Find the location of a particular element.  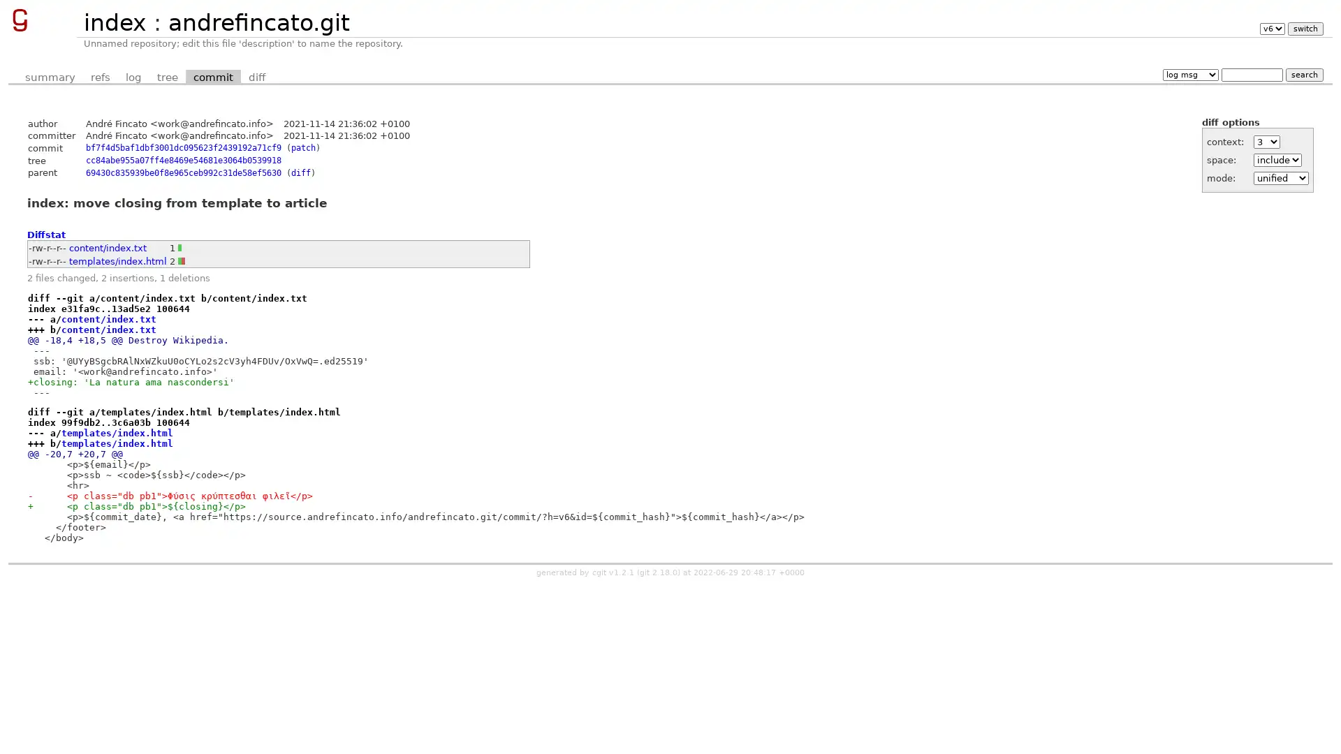

switch is located at coordinates (1304, 29).